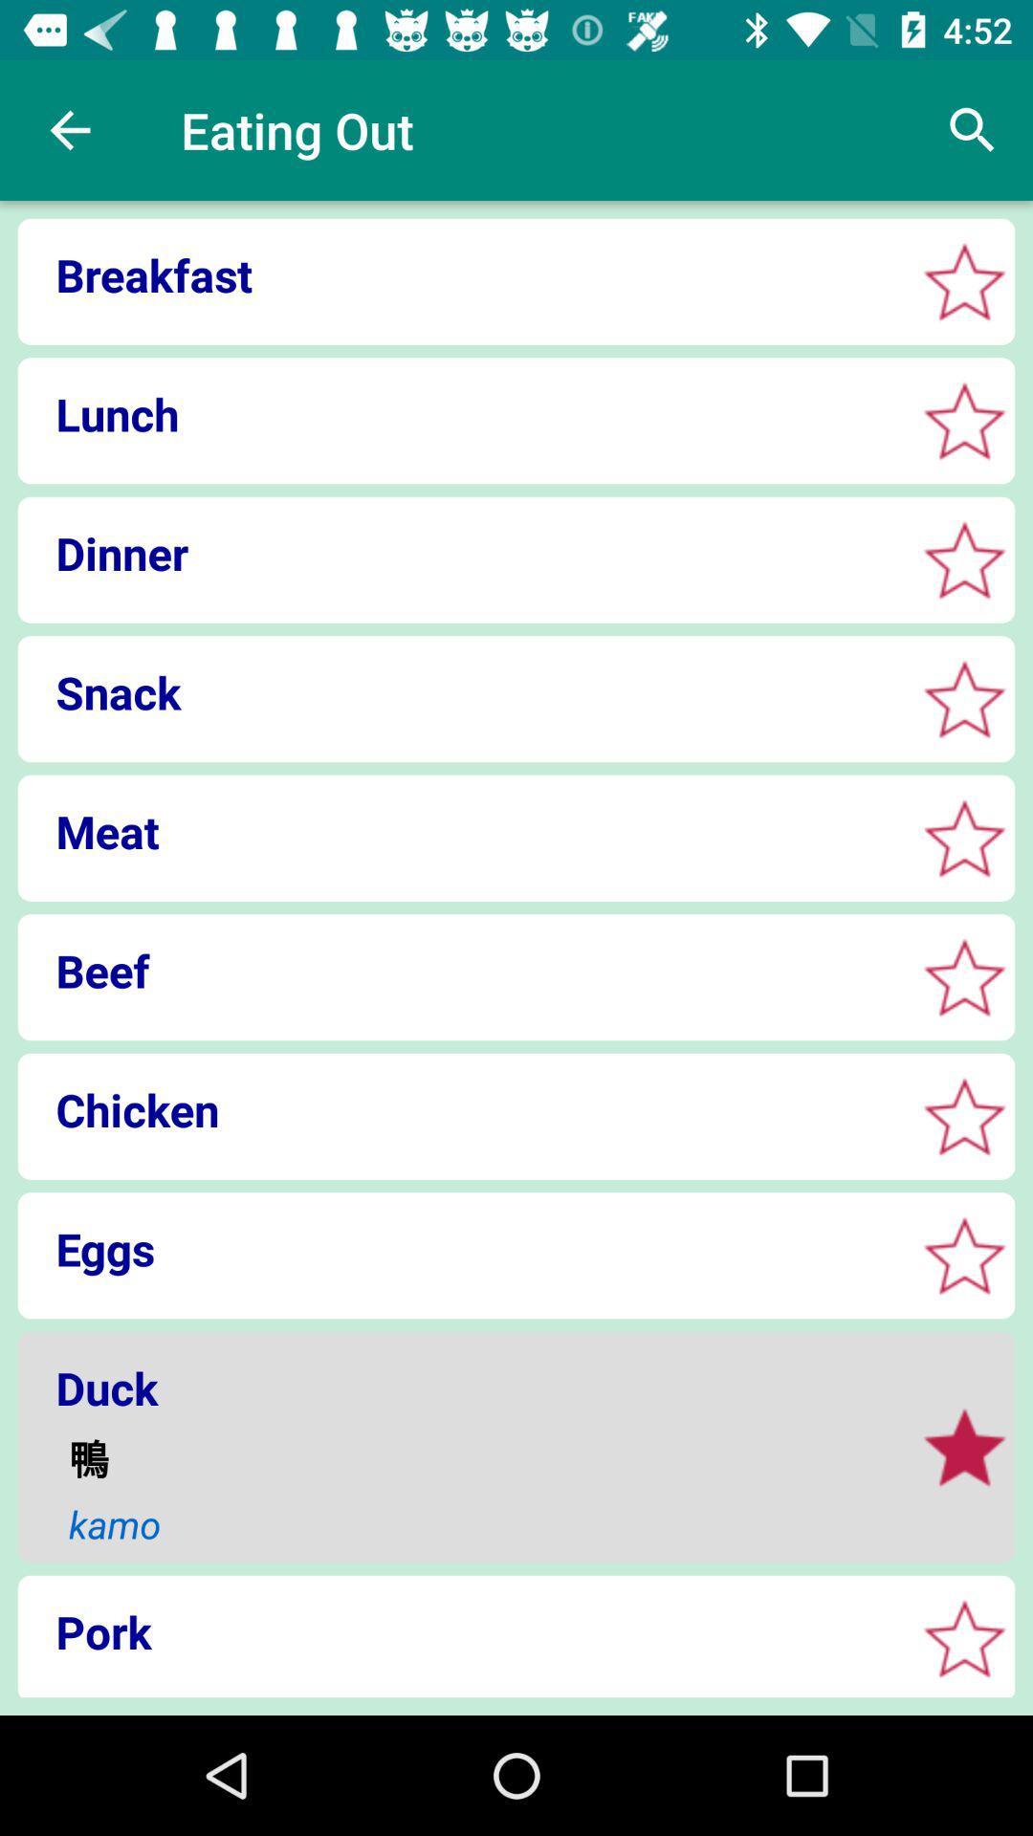 The width and height of the screenshot is (1033, 1836). I want to click on the icon above beef, so click(460, 831).